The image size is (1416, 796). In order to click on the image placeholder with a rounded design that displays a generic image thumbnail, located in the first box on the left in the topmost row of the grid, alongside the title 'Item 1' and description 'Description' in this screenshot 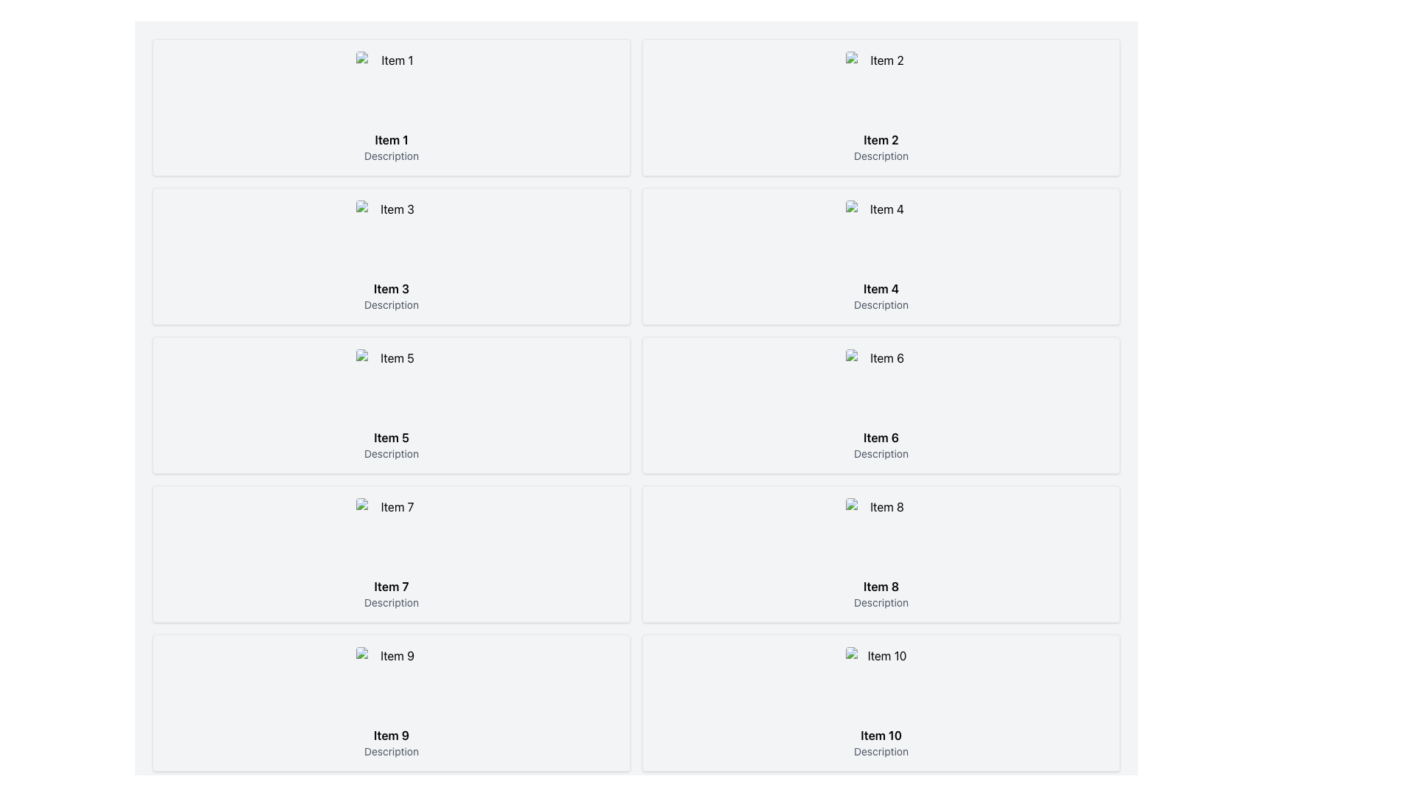, I will do `click(392, 87)`.